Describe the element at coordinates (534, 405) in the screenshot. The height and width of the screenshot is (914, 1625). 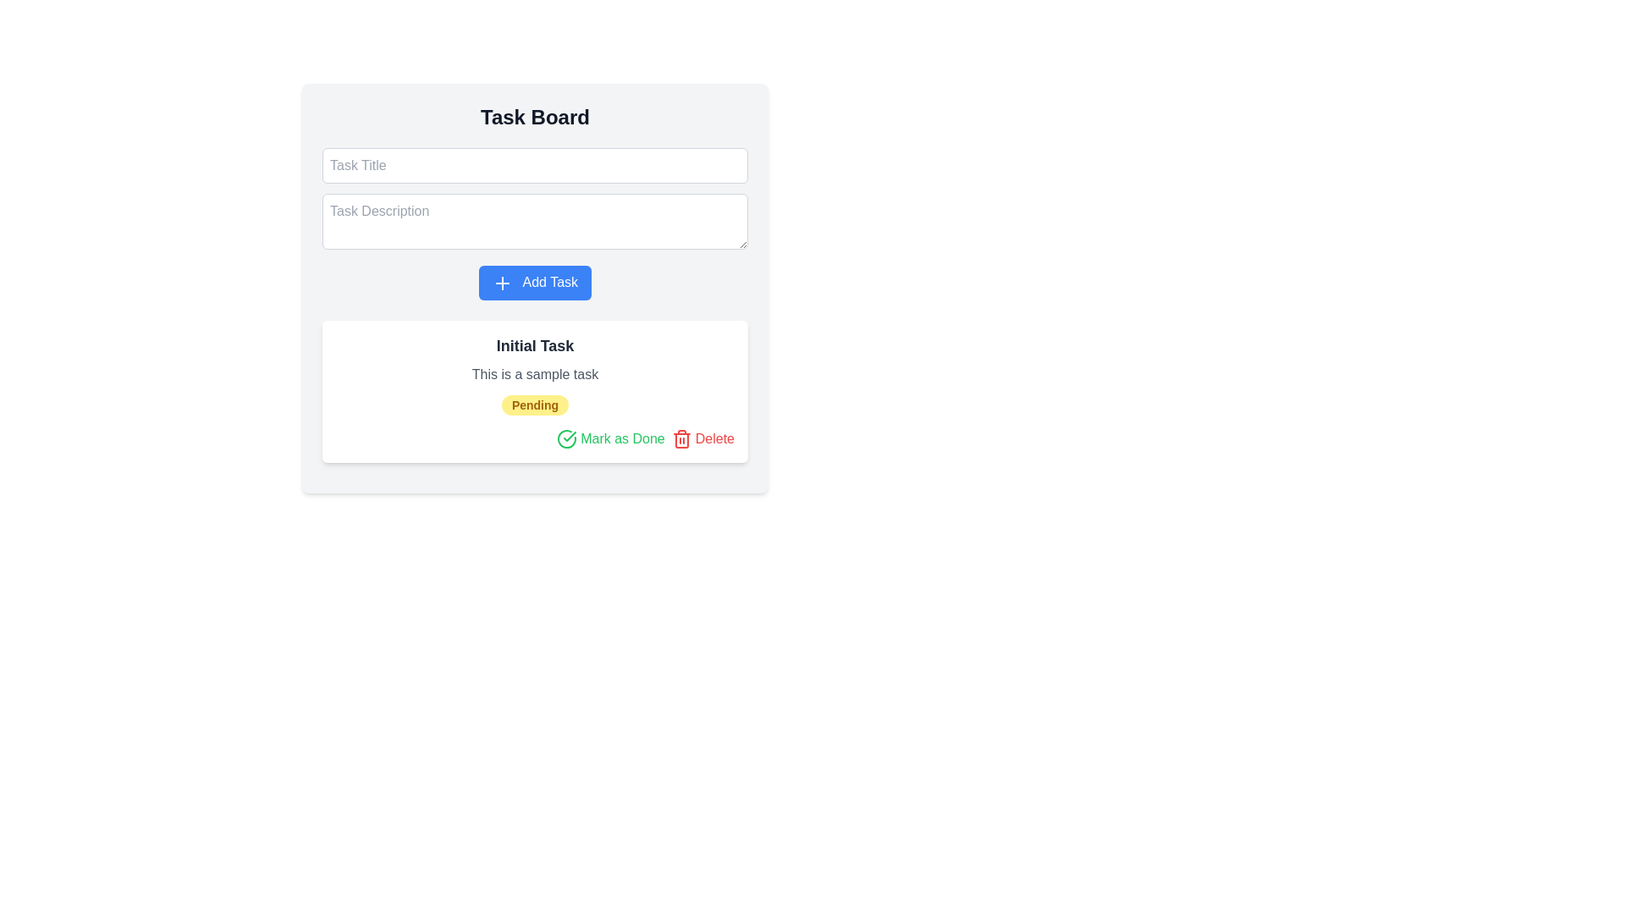
I see `the text label displaying the status 'Pending' with a yellow background and bold text, located within the task card for 'Initial Task'` at that location.